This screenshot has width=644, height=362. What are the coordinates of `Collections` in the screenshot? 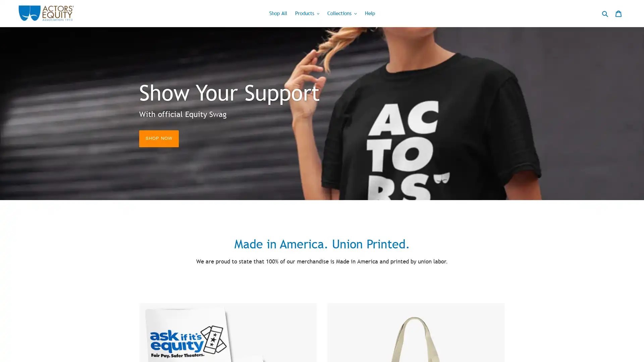 It's located at (342, 13).